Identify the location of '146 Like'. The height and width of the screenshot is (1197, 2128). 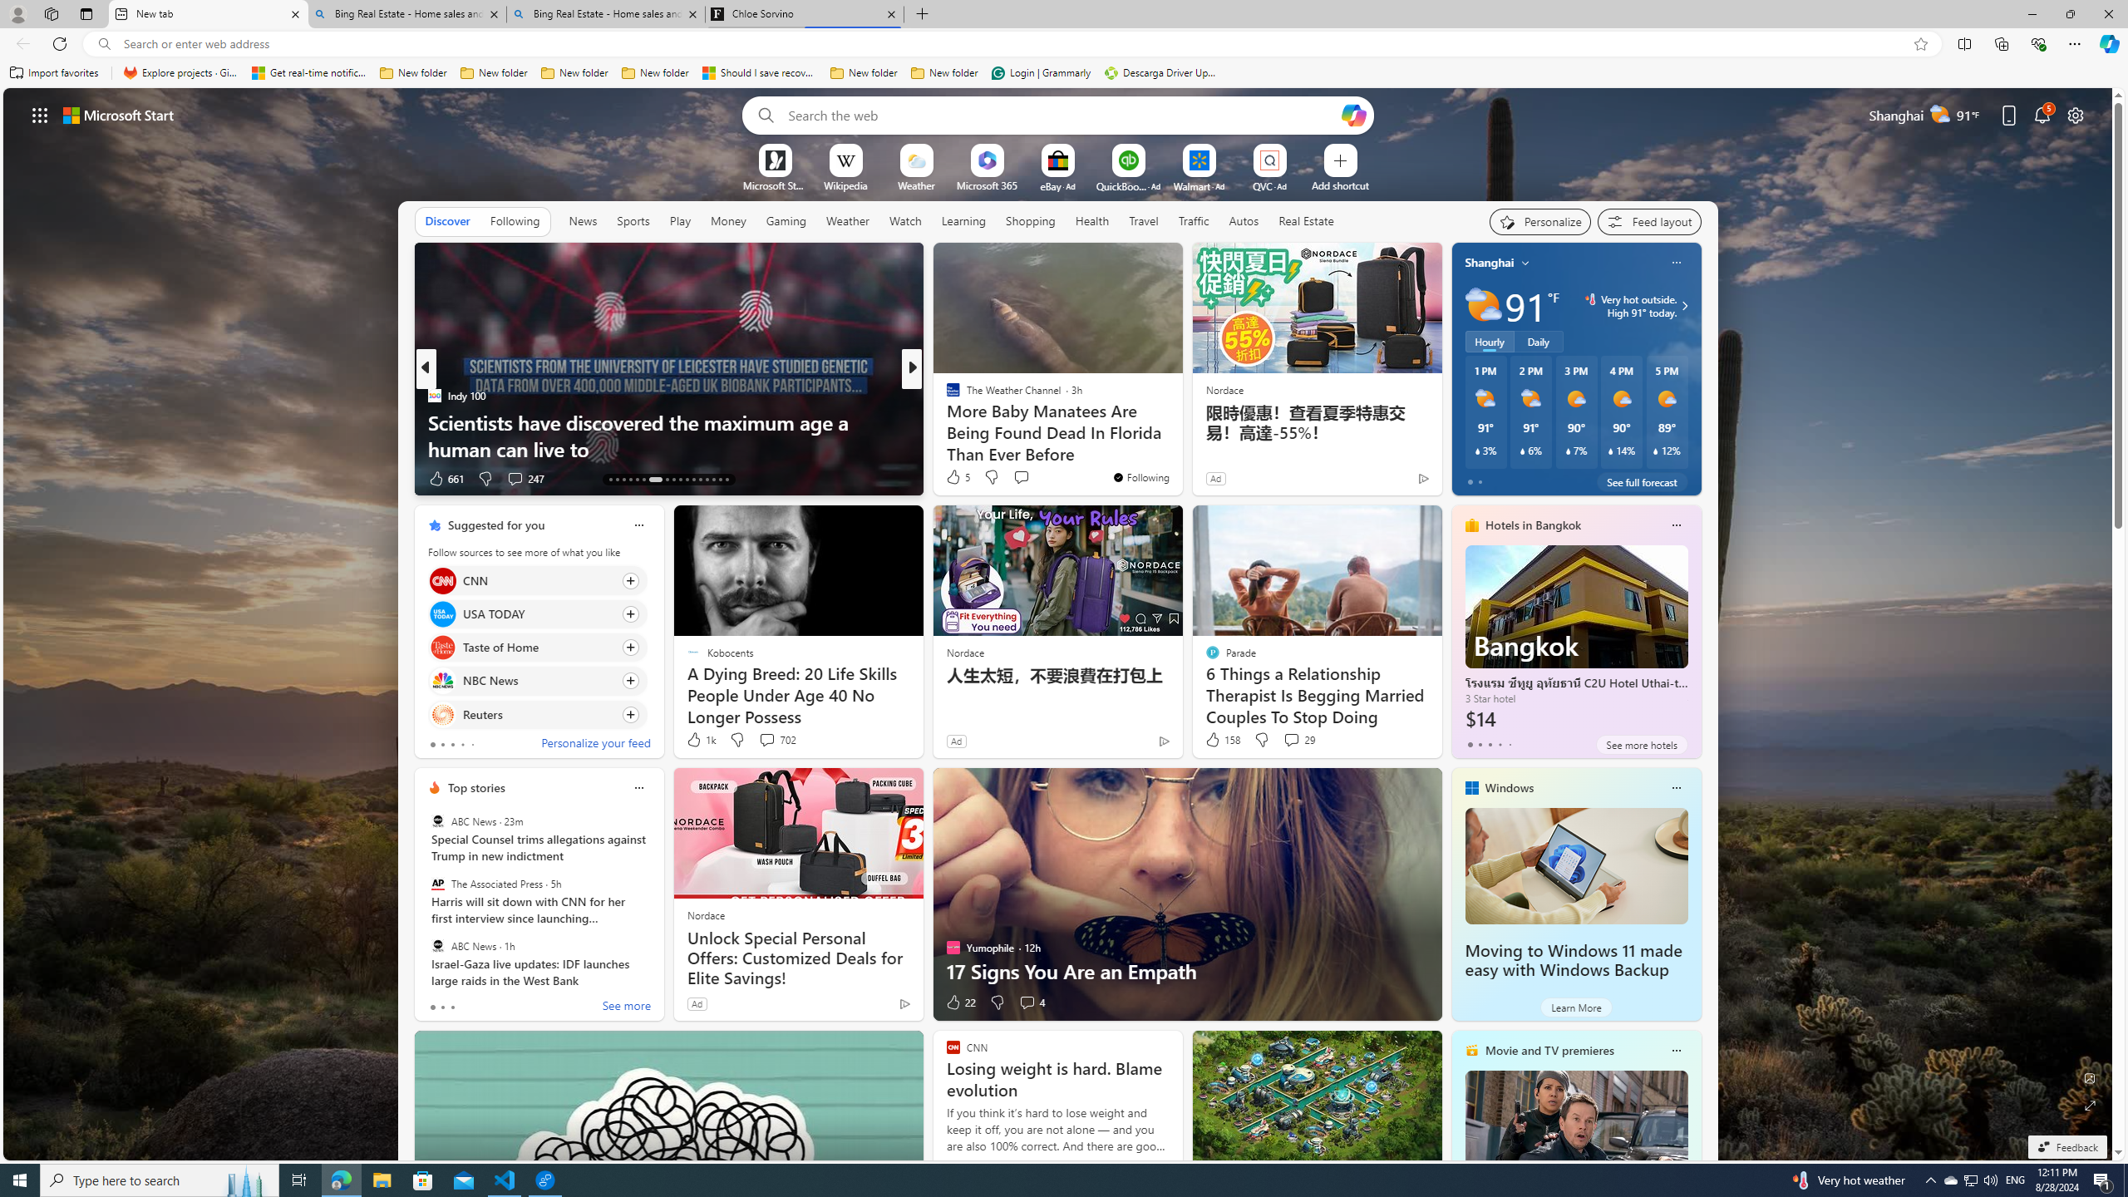
(957, 478).